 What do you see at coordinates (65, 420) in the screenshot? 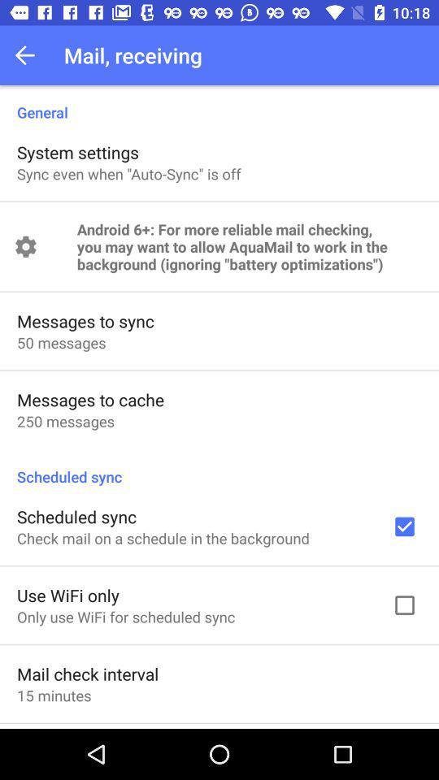
I see `250 messages app` at bounding box center [65, 420].